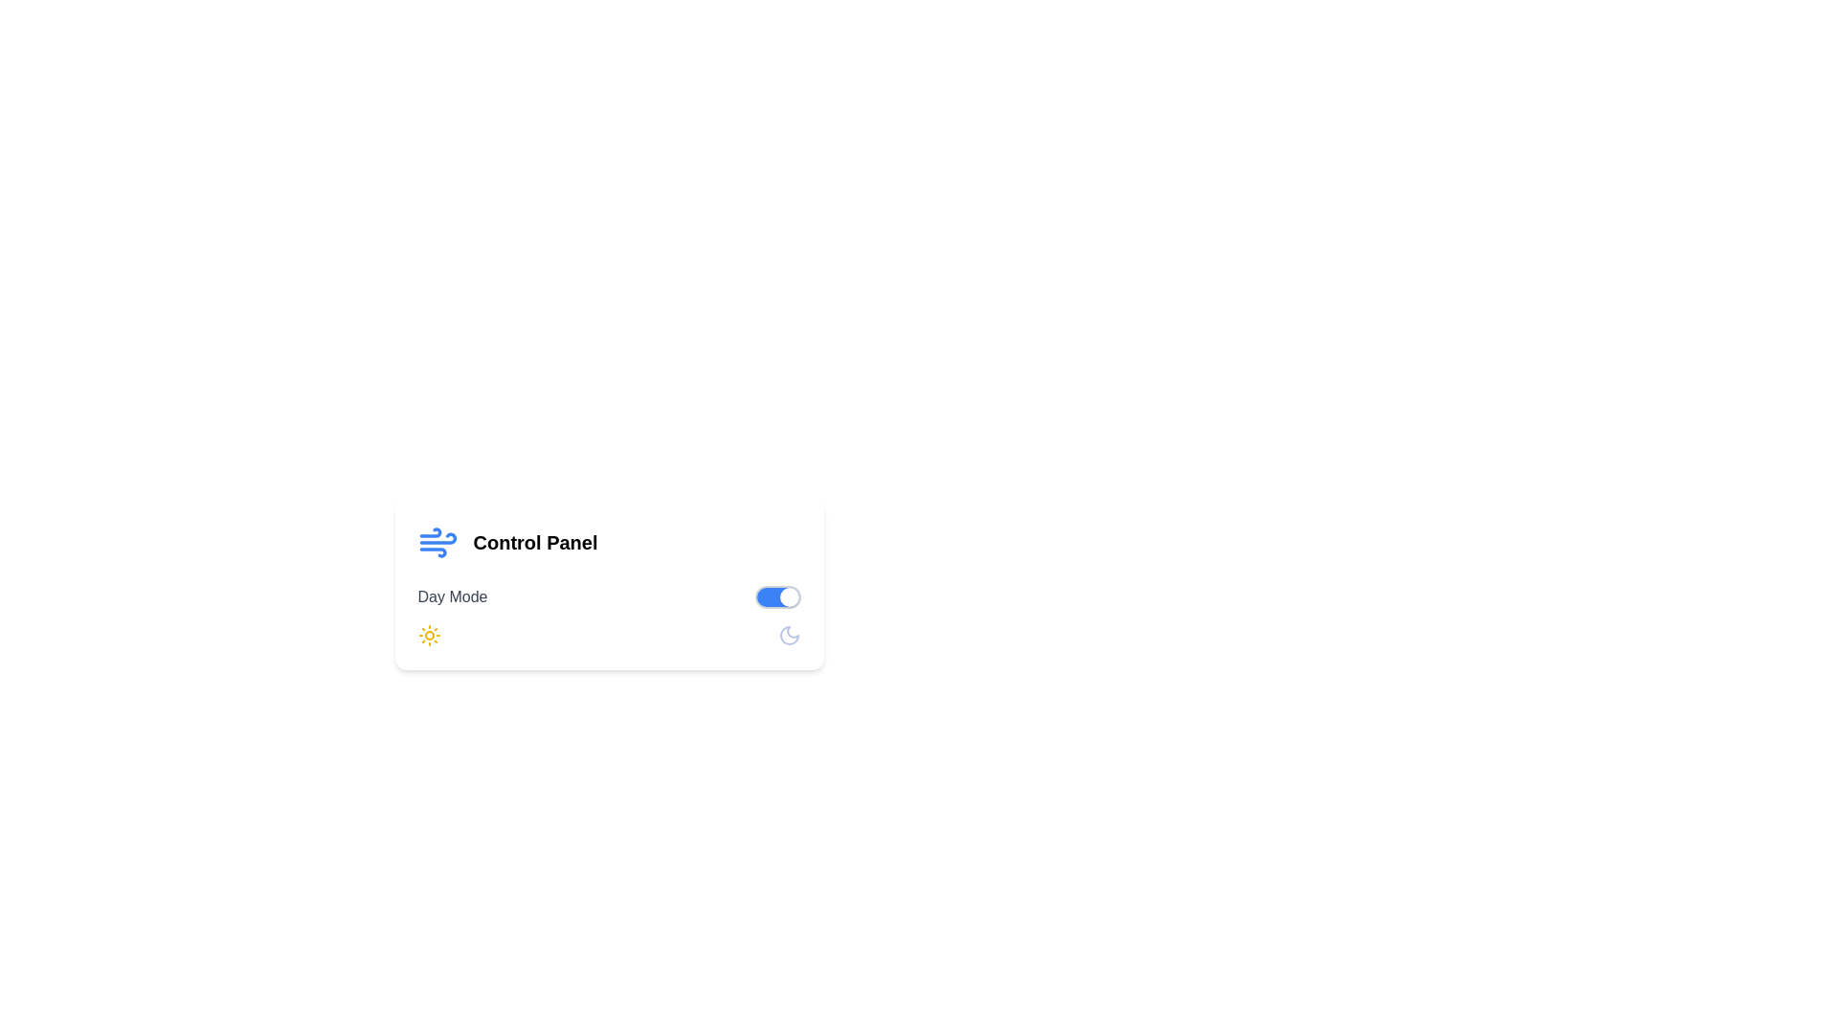 The width and height of the screenshot is (1838, 1034). Describe the element at coordinates (451, 596) in the screenshot. I see `the Text label indicating 'Day Mode', which is located to the left of the blue toggle switch in the control panel section` at that location.